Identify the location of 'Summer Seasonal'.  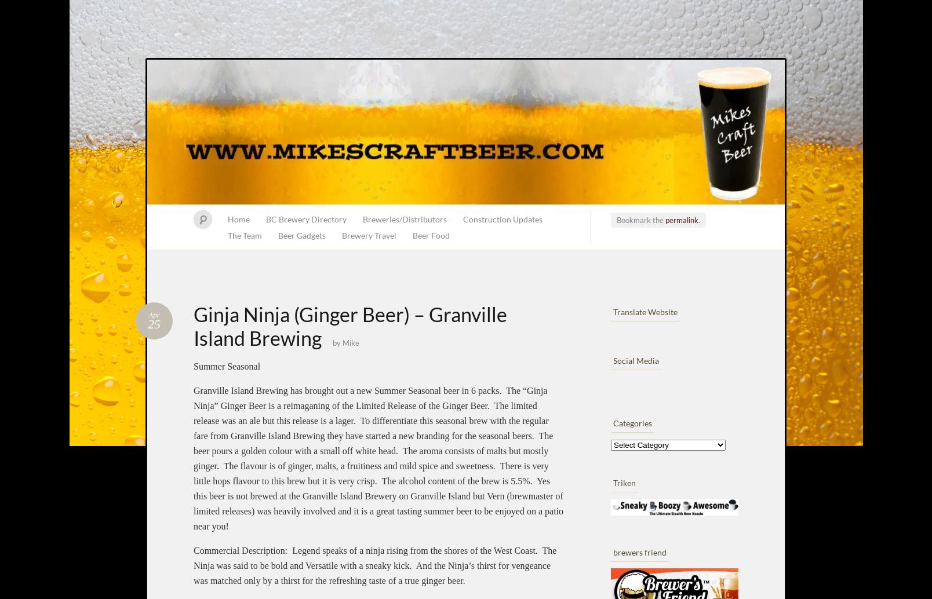
(192, 366).